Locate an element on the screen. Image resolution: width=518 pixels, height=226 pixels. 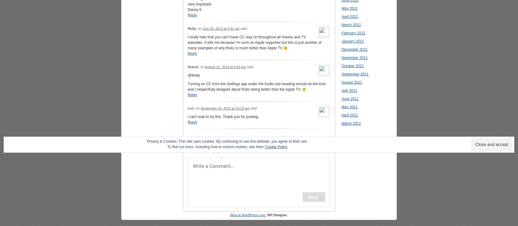
'Blog at WordPress.com.' is located at coordinates (229, 215).